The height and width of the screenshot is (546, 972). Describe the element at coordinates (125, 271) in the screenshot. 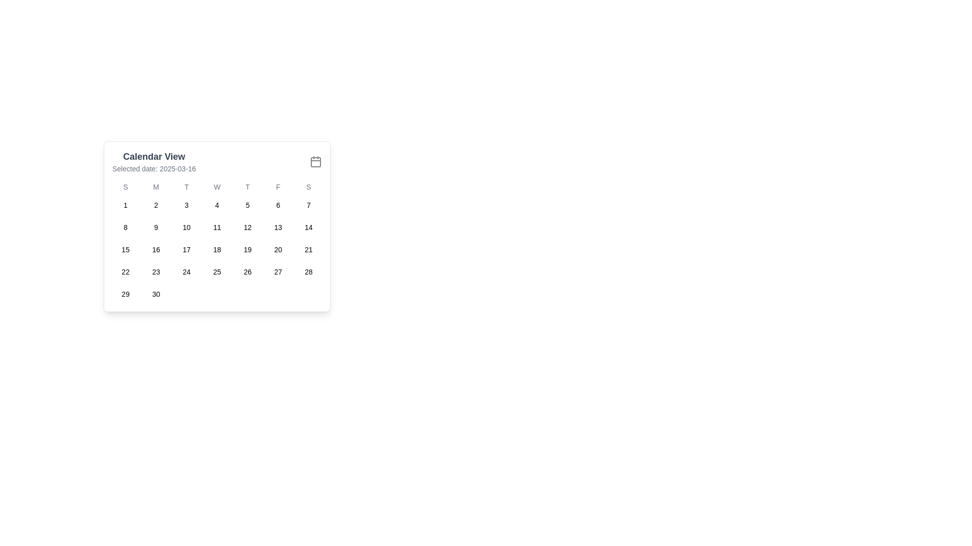

I see `the calendar day cell labeled '22'` at that location.